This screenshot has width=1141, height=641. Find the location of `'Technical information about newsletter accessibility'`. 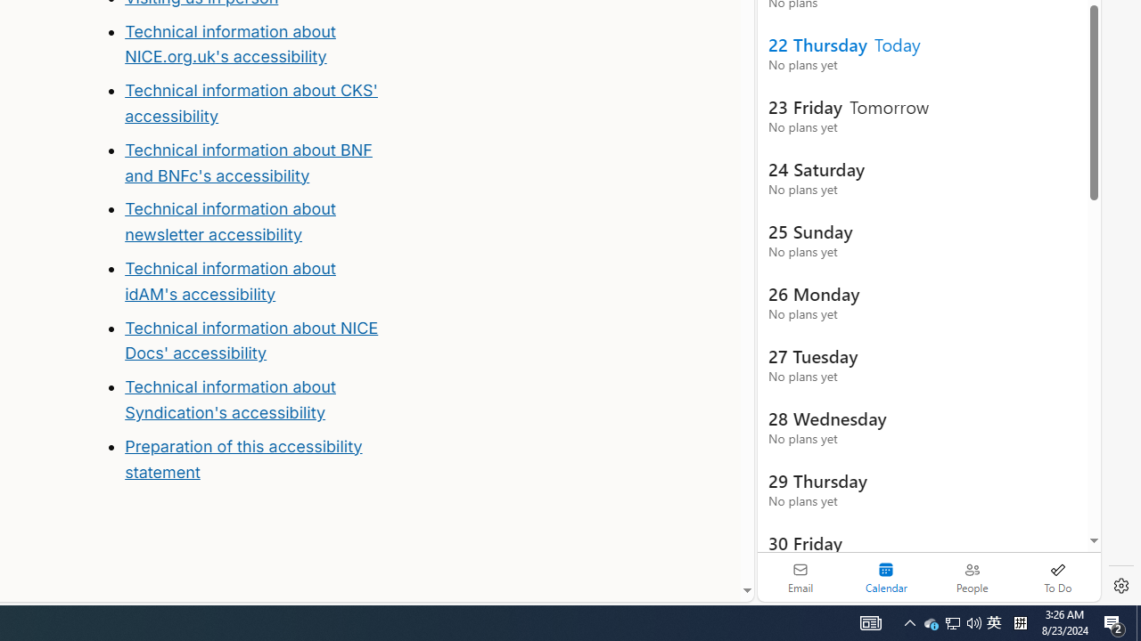

'Technical information about newsletter accessibility' is located at coordinates (229, 221).